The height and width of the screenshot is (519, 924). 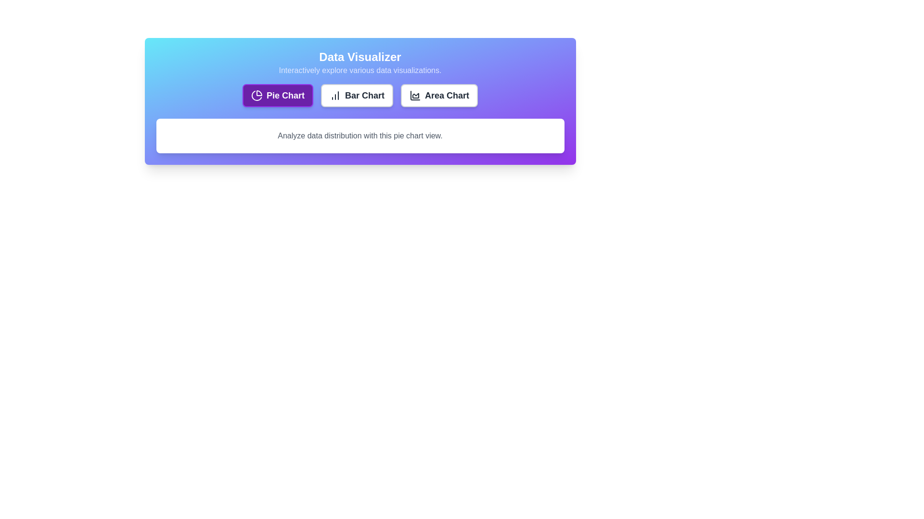 What do you see at coordinates (277, 96) in the screenshot?
I see `the Pie Chart tab in the DataVisualizerTabs component` at bounding box center [277, 96].